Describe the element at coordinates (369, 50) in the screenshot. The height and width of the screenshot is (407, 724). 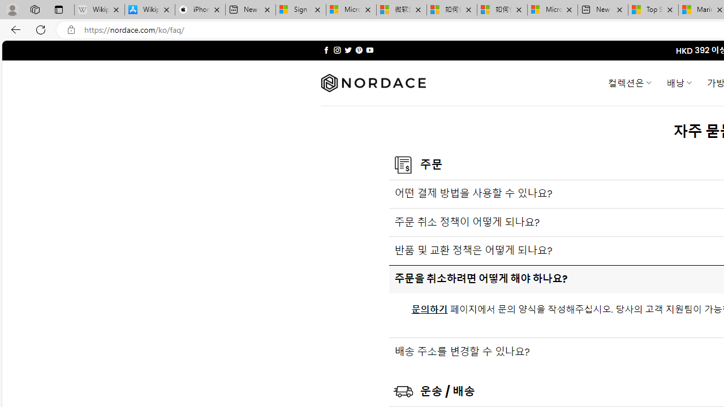
I see `'Follow on YouTube'` at that location.